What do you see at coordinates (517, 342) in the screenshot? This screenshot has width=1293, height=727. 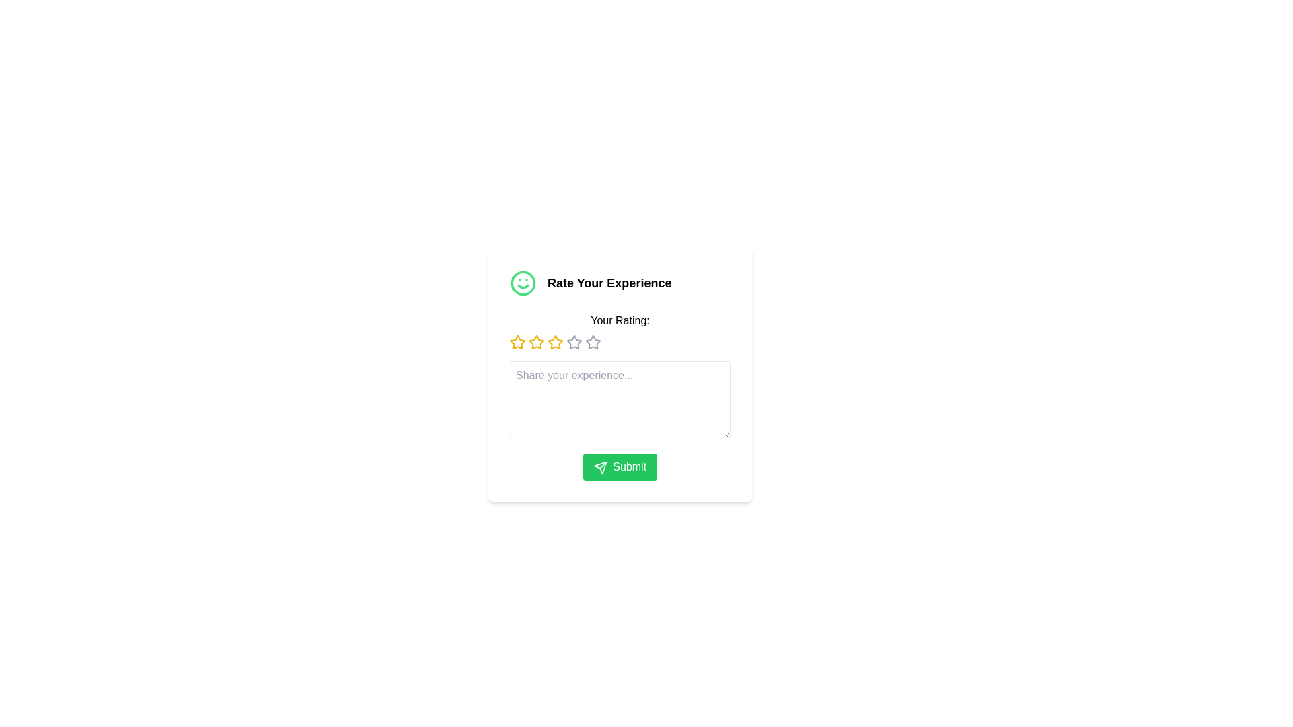 I see `the first star in the Star Rating Icon` at bounding box center [517, 342].